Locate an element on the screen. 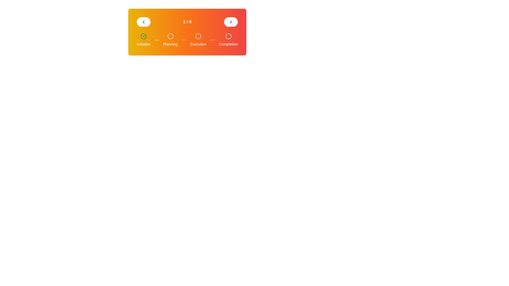 This screenshot has width=509, height=286. the SVG circle element that represents the 'Completion' step icon, located at the bottom-right of the progress step UI component is located at coordinates (228, 36).